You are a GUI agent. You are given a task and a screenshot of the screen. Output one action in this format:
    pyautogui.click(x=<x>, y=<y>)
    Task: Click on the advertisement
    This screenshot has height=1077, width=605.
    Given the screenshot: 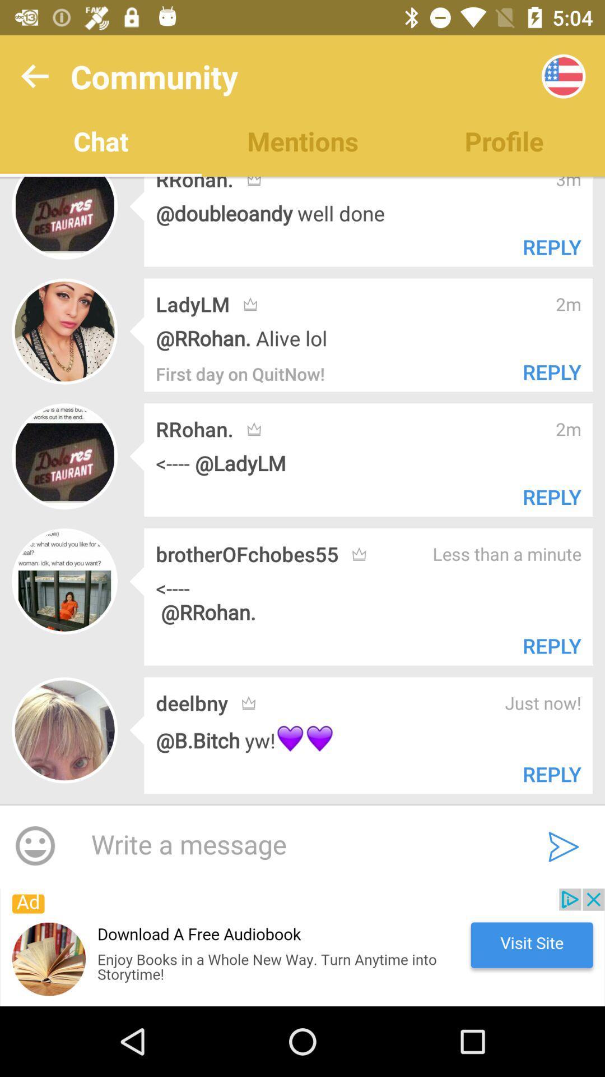 What is the action you would take?
    pyautogui.click(x=302, y=947)
    